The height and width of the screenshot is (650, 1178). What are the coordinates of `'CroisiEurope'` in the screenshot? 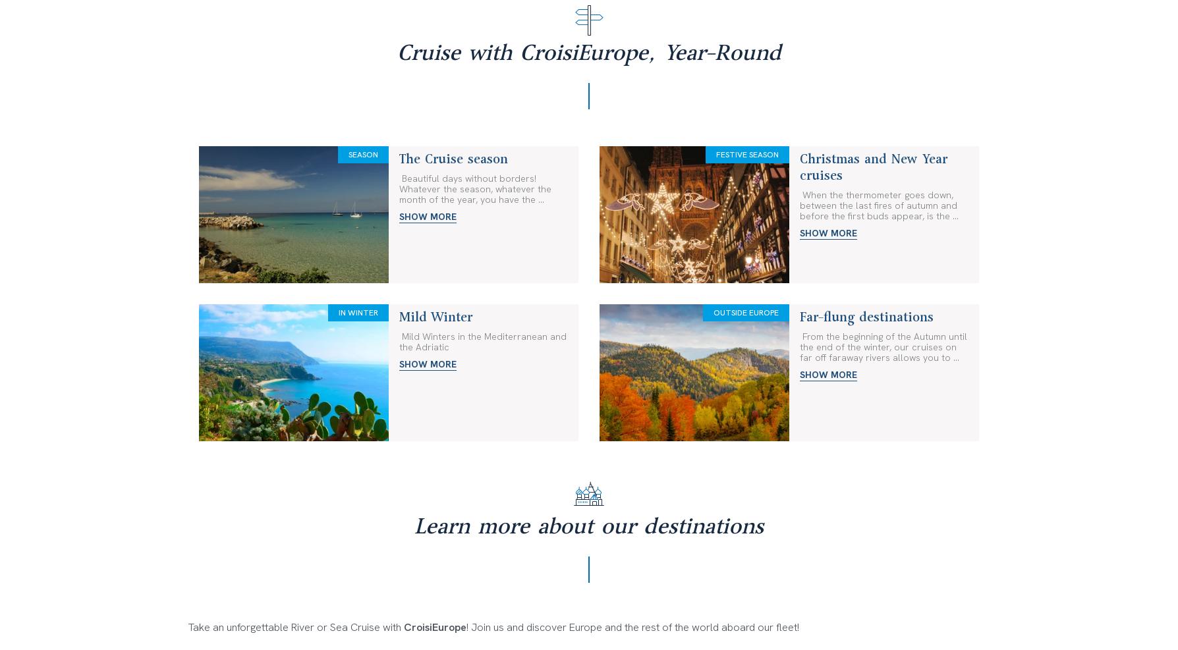 It's located at (612, 297).